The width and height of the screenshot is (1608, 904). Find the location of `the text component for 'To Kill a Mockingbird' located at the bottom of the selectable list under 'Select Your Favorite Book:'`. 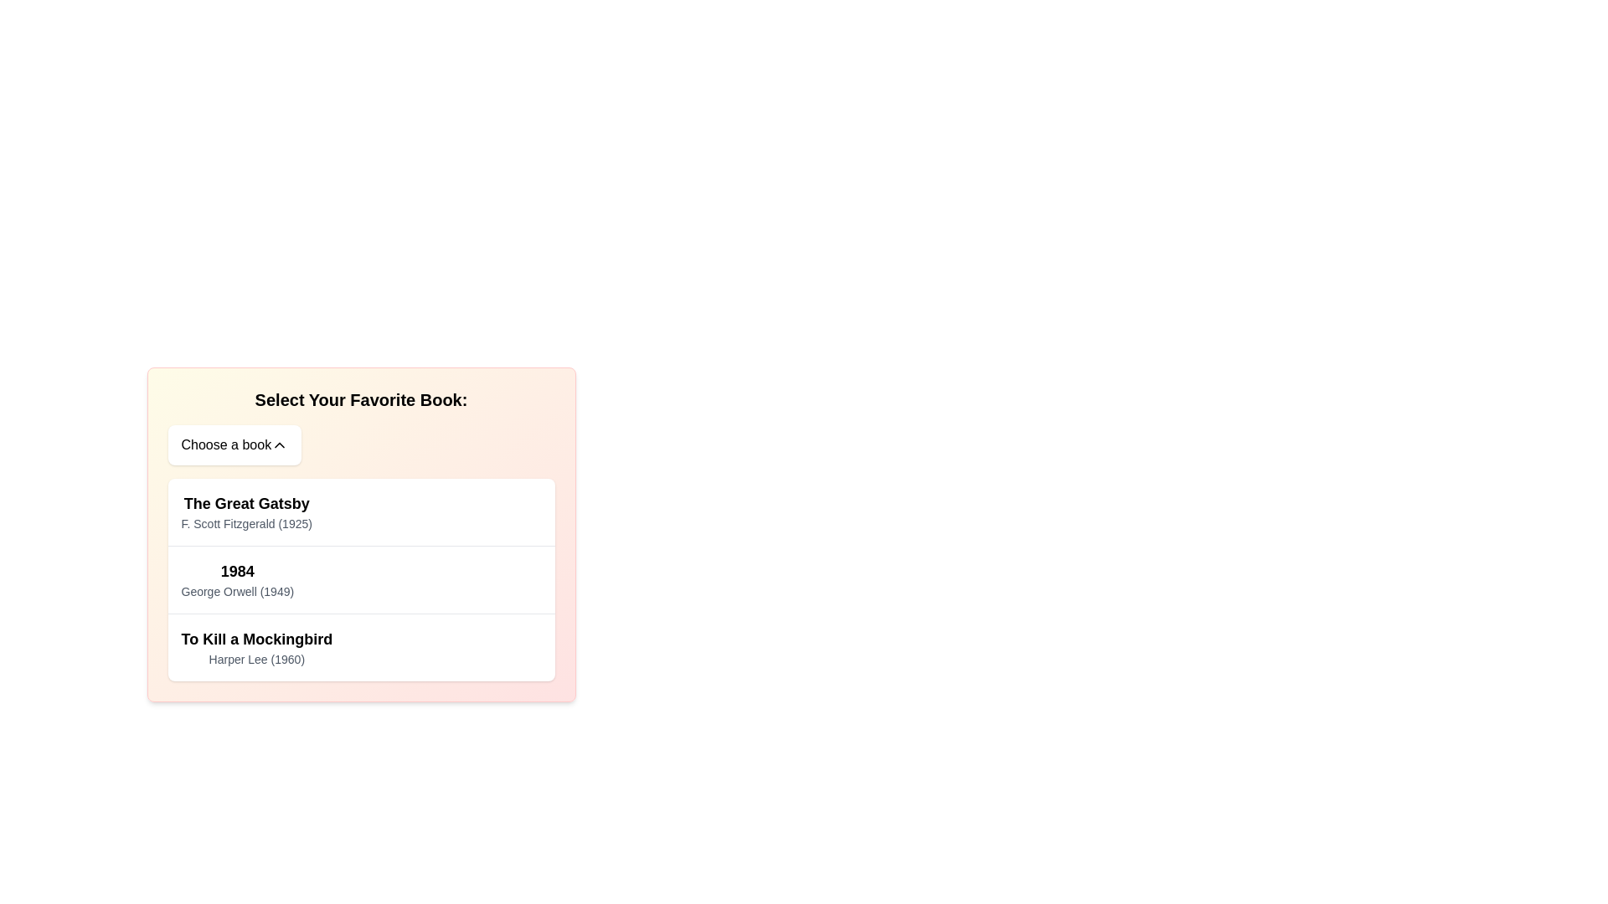

the text component for 'To Kill a Mockingbird' located at the bottom of the selectable list under 'Select Your Favorite Book:' is located at coordinates (255, 647).